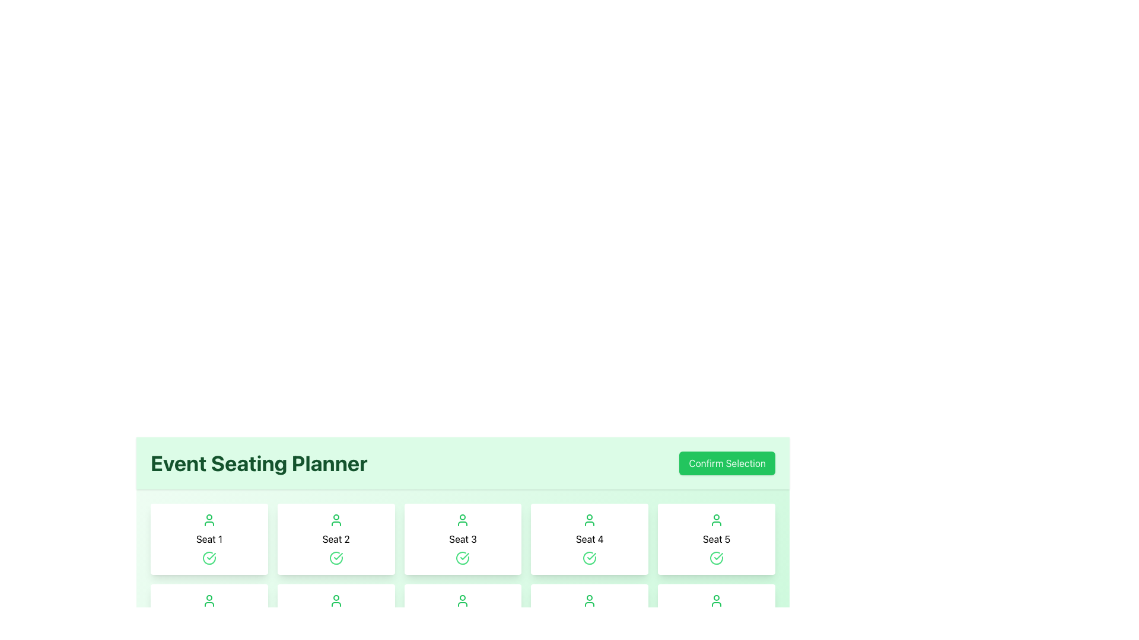  I want to click on the non-interactive text label indicating 'Seat 4', which is positioned in the grid layout between 'Seat 3' and 'Seat 5', so click(590, 539).